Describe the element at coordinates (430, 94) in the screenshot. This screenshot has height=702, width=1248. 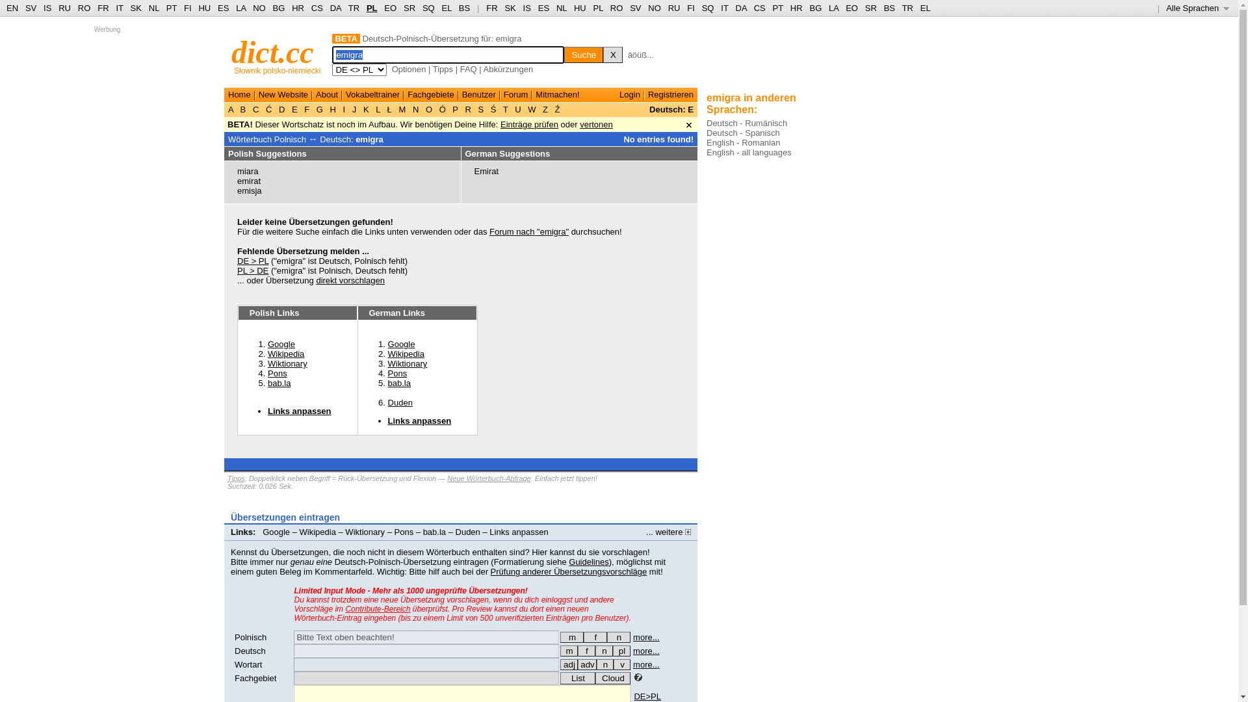
I see `'Fachgebiete'` at that location.